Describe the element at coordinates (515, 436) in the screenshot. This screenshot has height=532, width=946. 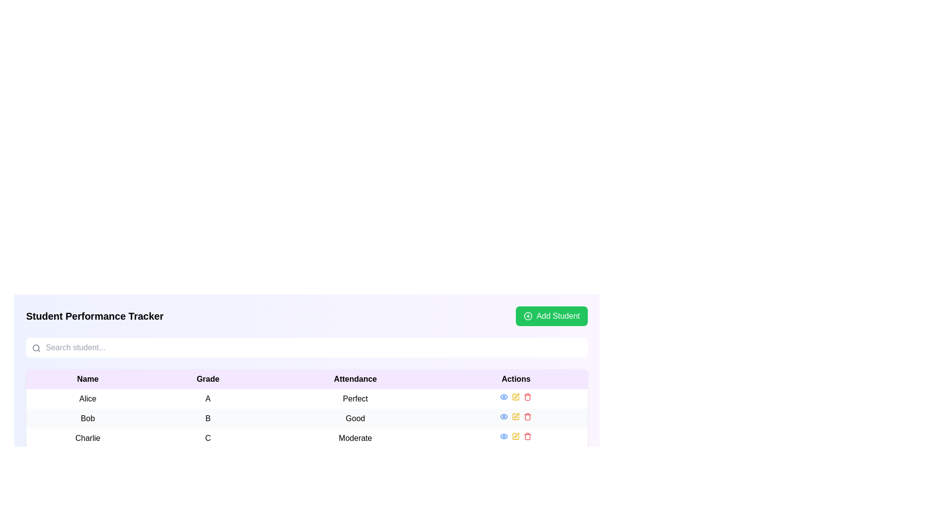
I see `the eye icon in the Actions column of the row representing 'Charlie'` at that location.